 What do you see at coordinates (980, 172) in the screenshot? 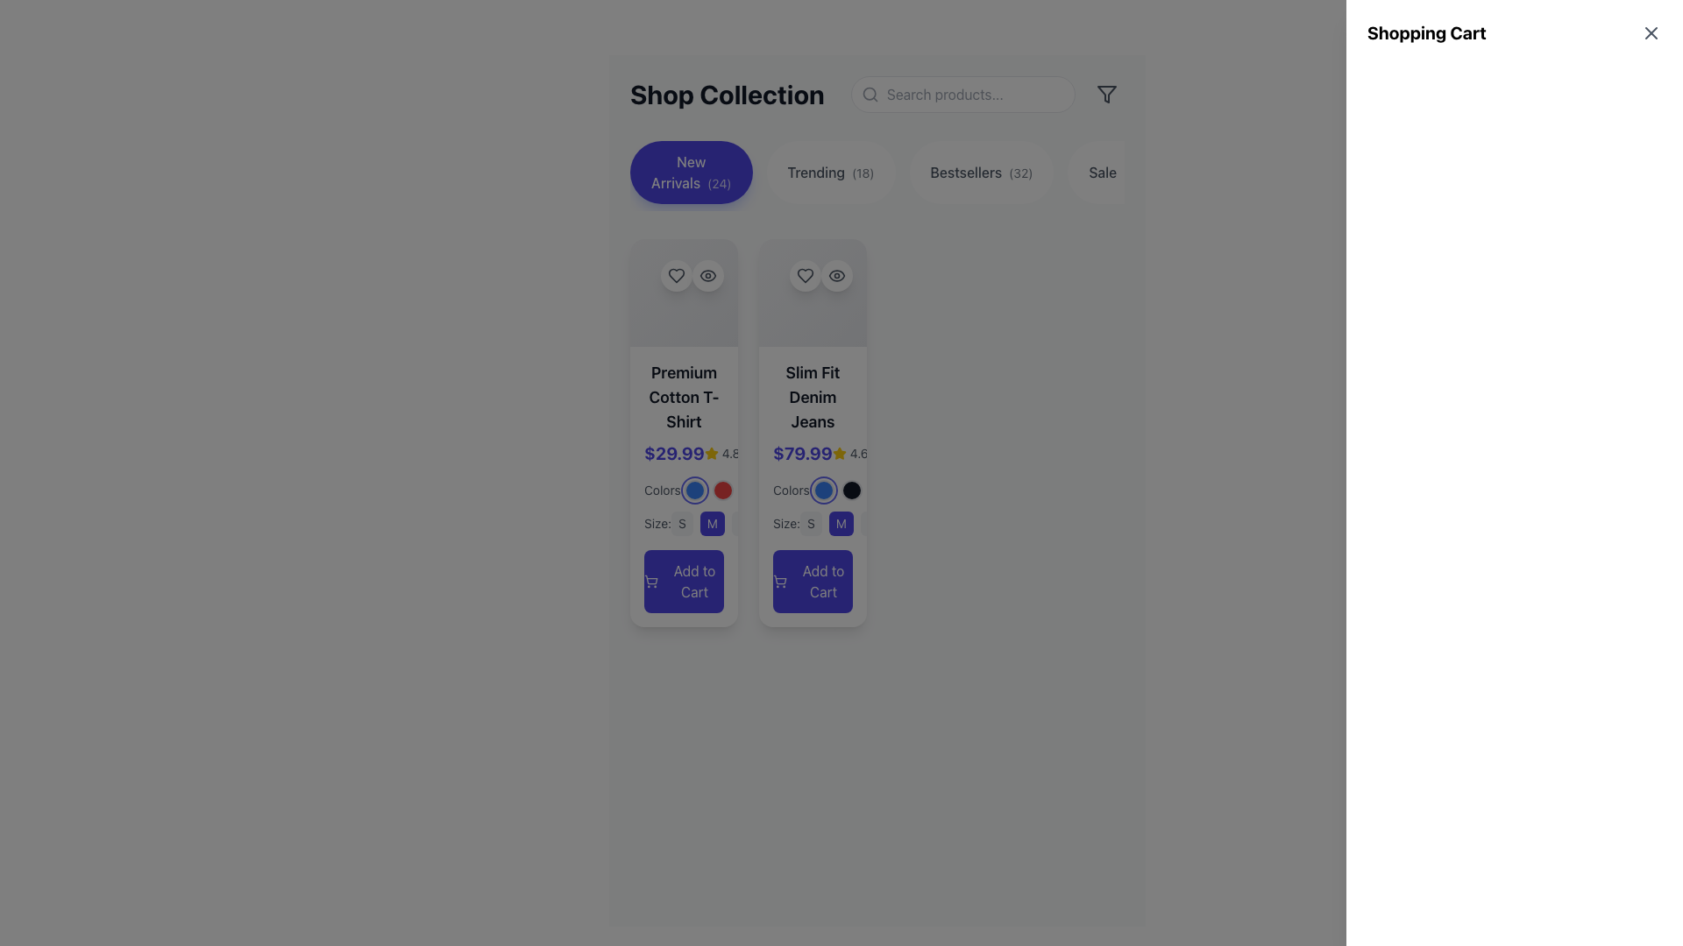
I see `the 'Bestsellers(32)' button, which is the third button in a horizontal group of four buttons that filter or navigate to sections displaying bestselling items, to trigger a transition effect` at bounding box center [980, 172].